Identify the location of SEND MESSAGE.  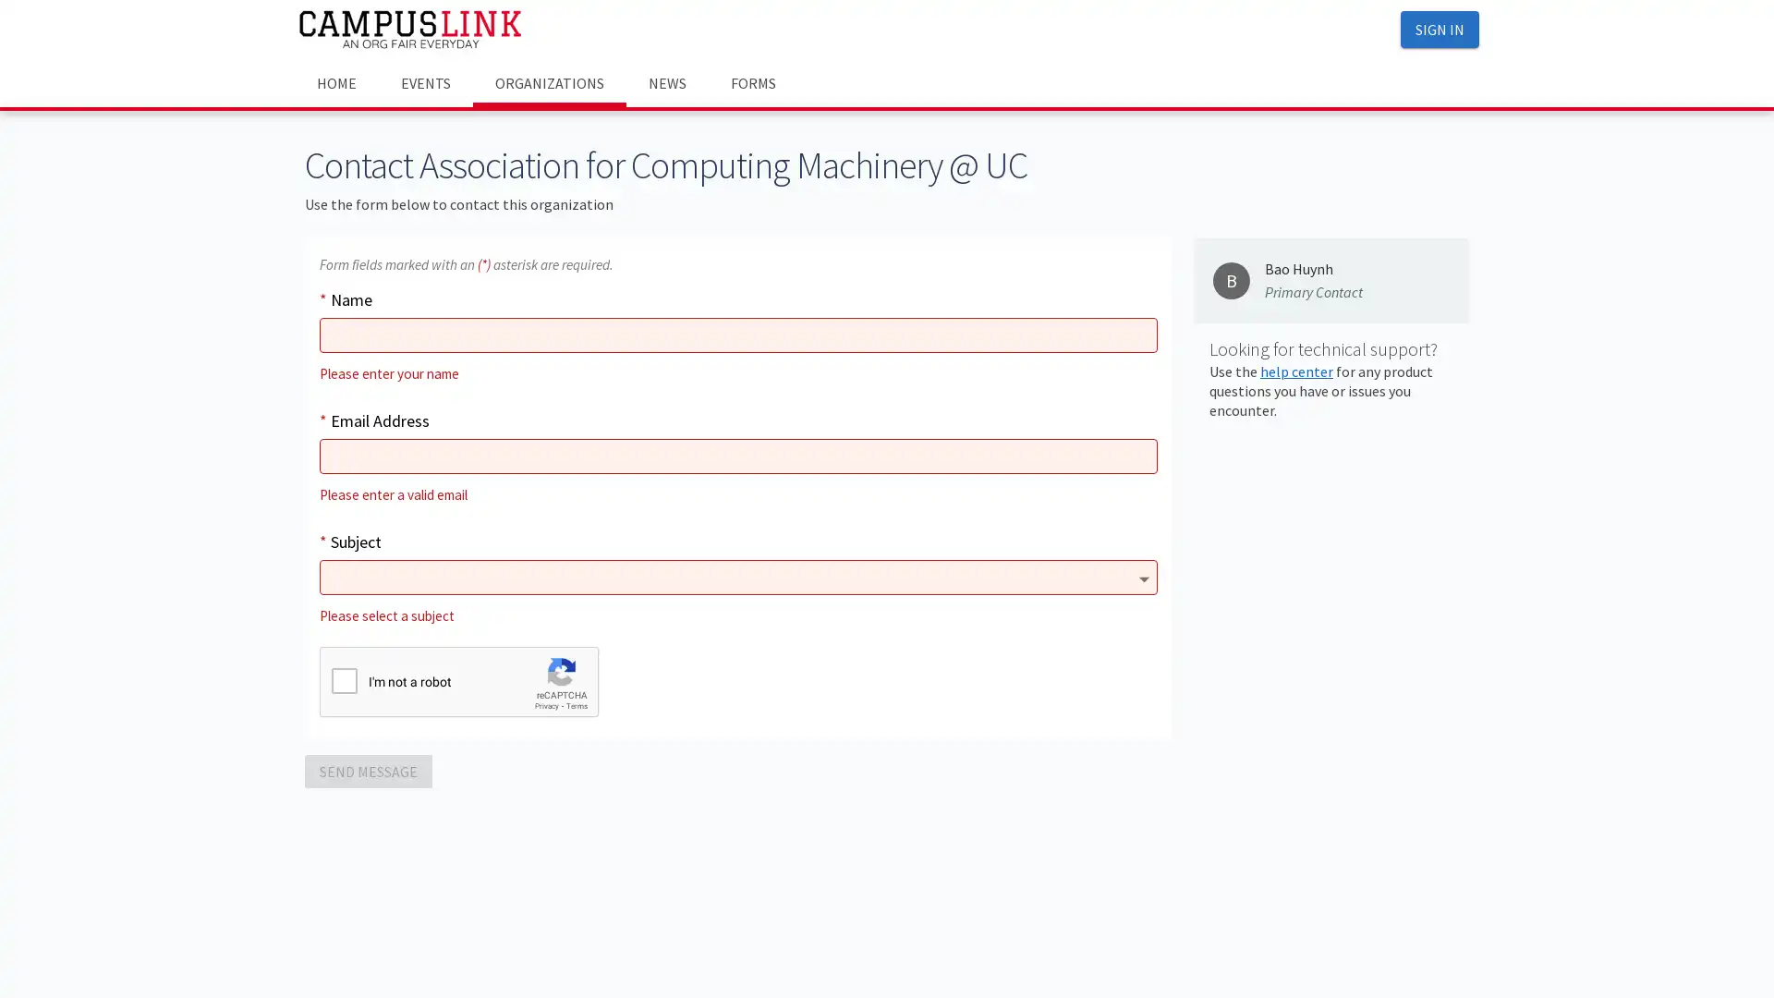
(368, 770).